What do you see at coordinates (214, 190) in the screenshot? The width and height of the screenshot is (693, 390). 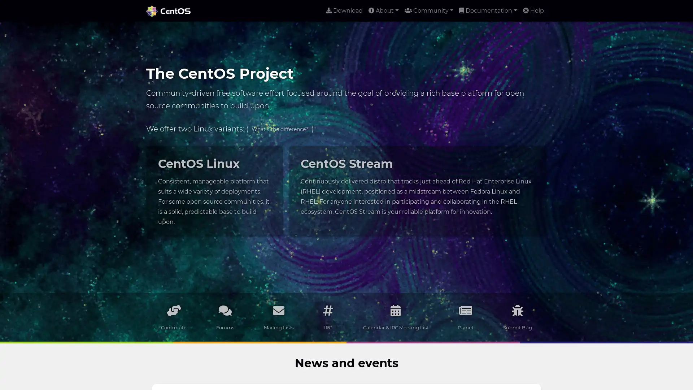 I see `CentOS Linux Consistent, manageable platform that suits a wide variety of deployments. For some open source communities, it is a solid, predictable base to build upon.` at bounding box center [214, 190].